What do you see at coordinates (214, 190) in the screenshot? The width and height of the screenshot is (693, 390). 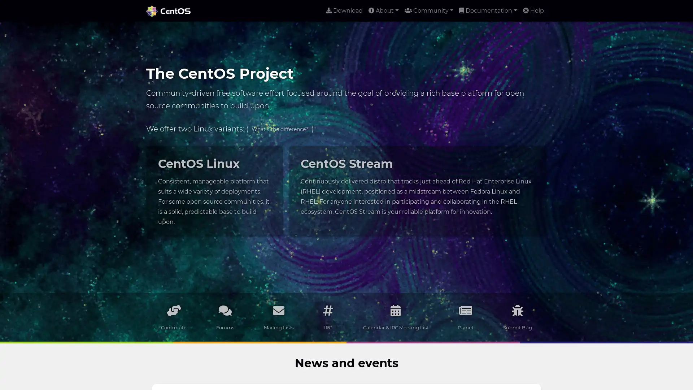 I see `CentOS Linux Consistent, manageable platform that suits a wide variety of deployments. For some open source communities, it is a solid, predictable base to build upon.` at bounding box center [214, 190].